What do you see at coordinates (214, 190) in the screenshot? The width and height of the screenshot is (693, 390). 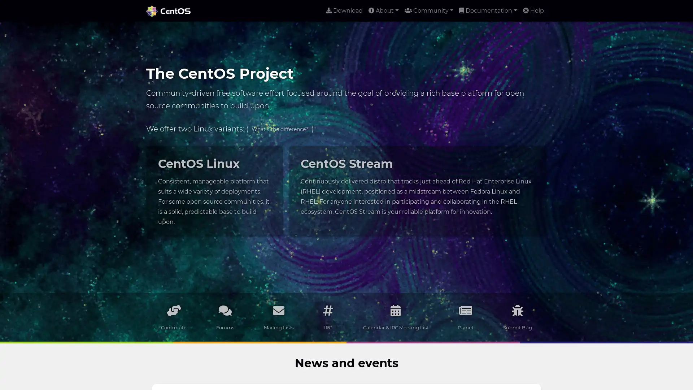 I see `CentOS Linux Consistent, manageable platform that suits a wide variety of deployments. For some open source communities, it is a solid, predictable base to build upon.` at bounding box center [214, 190].